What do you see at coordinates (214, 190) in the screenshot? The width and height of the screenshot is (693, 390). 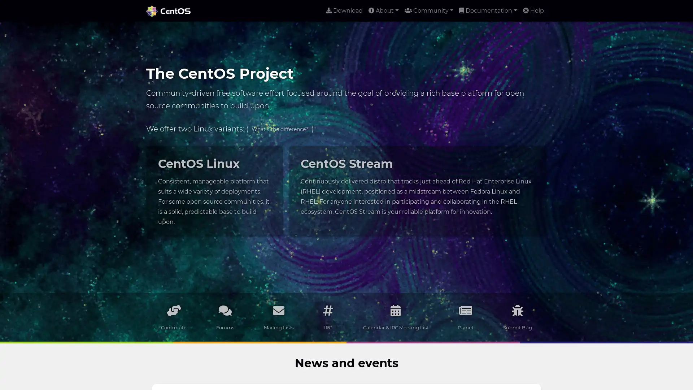 I see `CentOS Linux Consistent, manageable platform that suits a wide variety of deployments. For some open source communities, it is a solid, predictable base to build upon.` at bounding box center [214, 190].